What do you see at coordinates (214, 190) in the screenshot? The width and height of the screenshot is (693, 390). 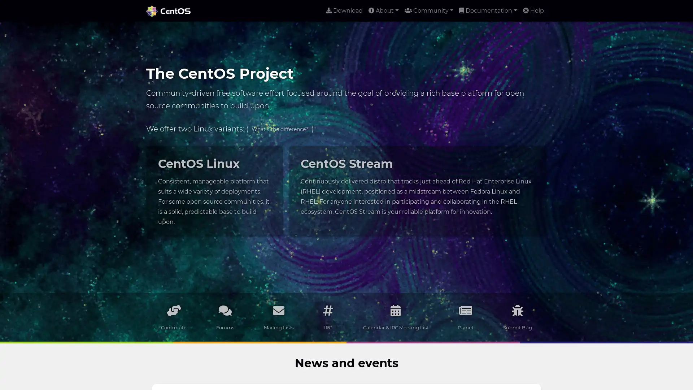 I see `CentOS Linux Consistent, manageable platform that suits a wide variety of deployments. For some open source communities, it is a solid, predictable base to build upon.` at bounding box center [214, 190].